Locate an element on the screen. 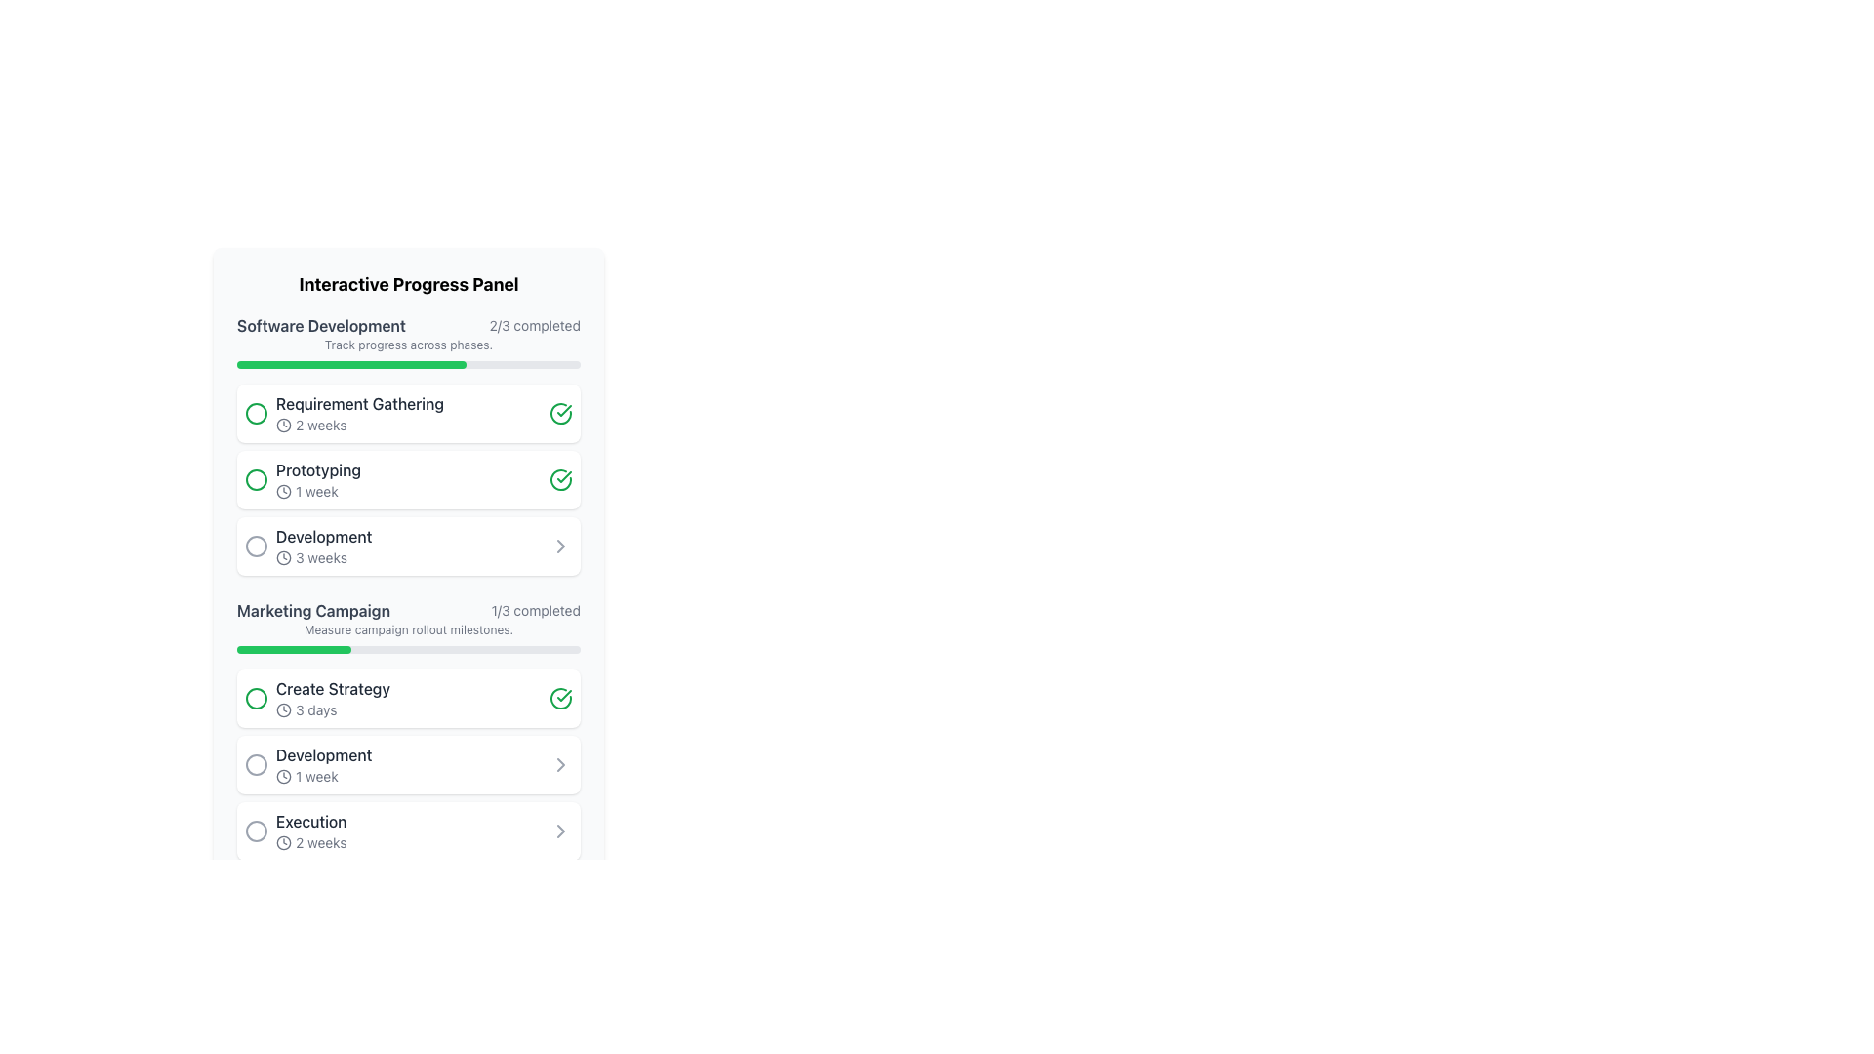 This screenshot has width=1874, height=1054. the small green checkmark icon located in the 'Marketing Campaign' section next to the 'Create Strategy' task is located at coordinates (563, 695).